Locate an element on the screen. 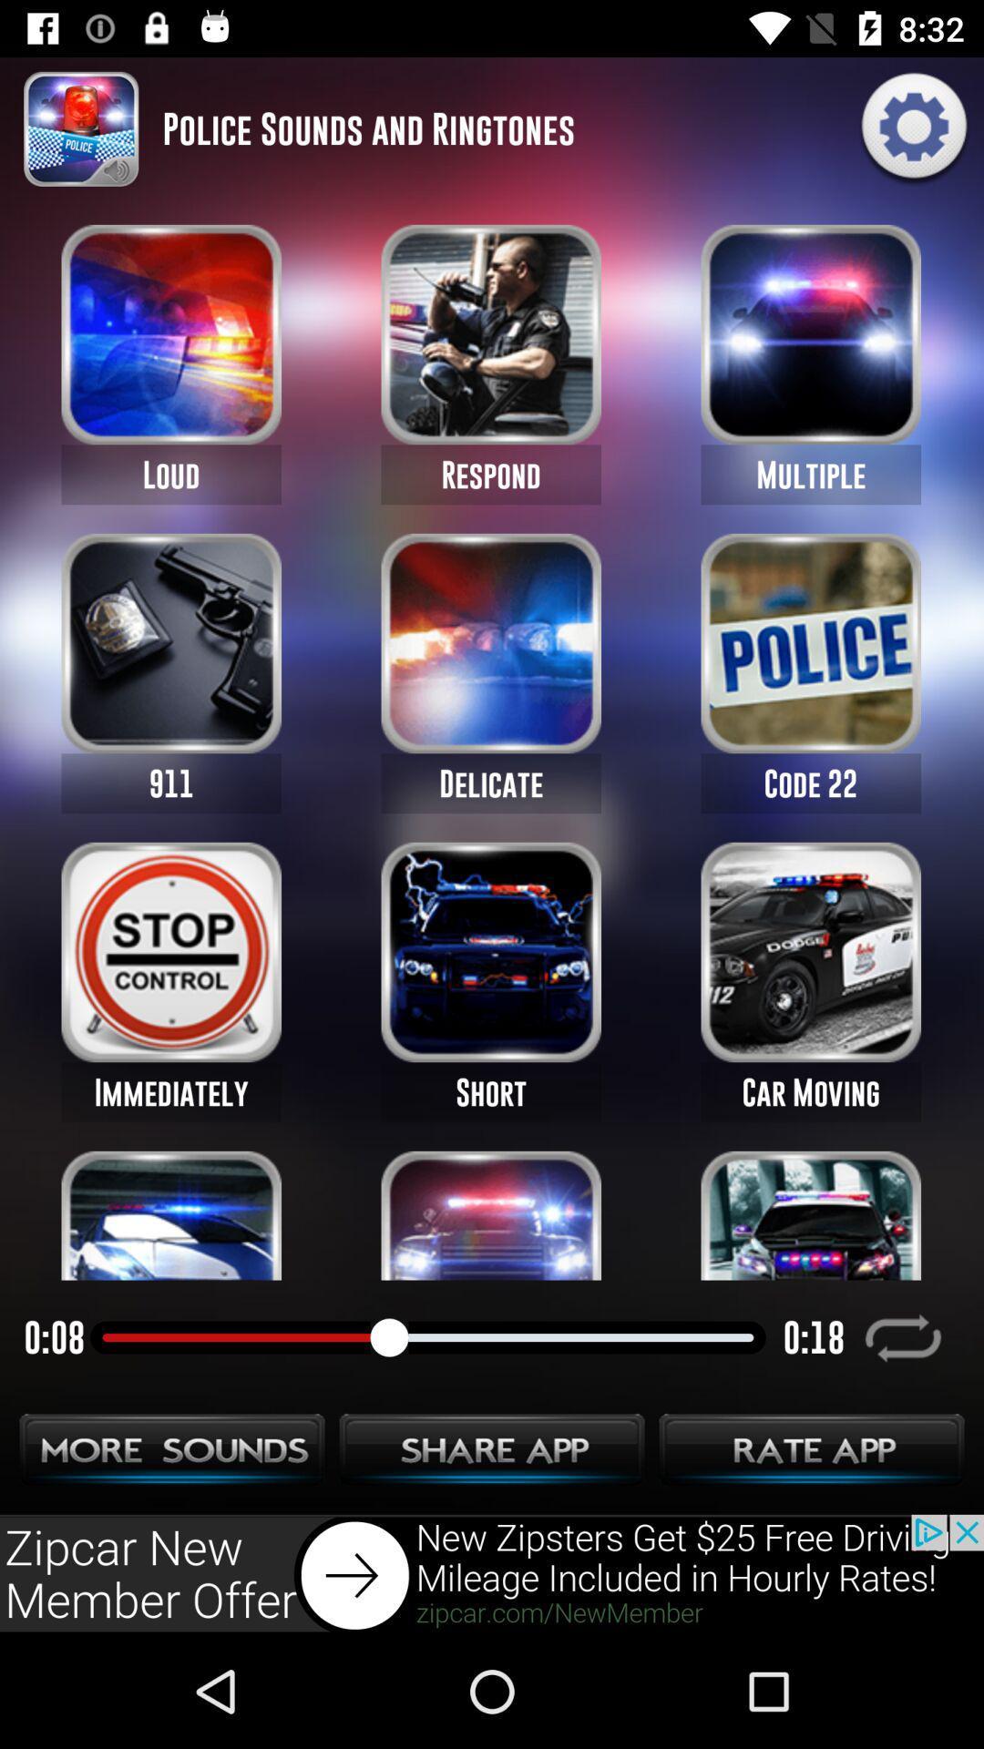 Image resolution: width=984 pixels, height=1749 pixels. the settings icon is located at coordinates (914, 128).